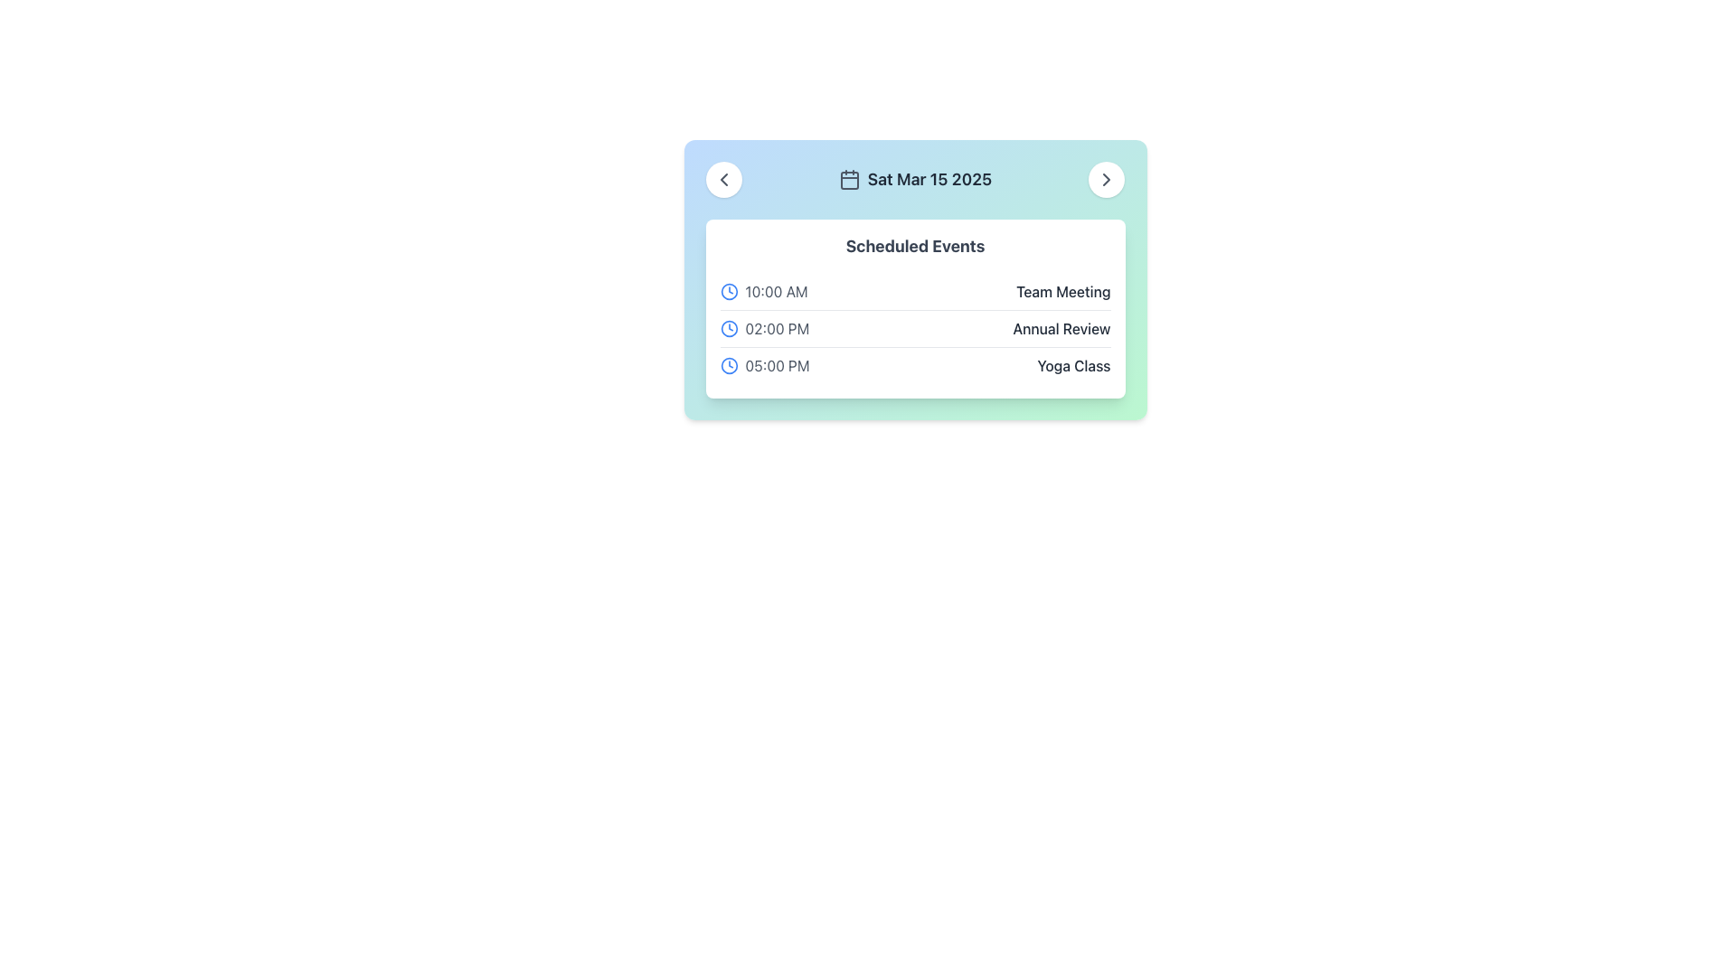 The image size is (1736, 976). Describe the element at coordinates (1106, 180) in the screenshot. I see `the circular button with a right-pointing chevron icon located at the top-right corner of the header section` at that location.